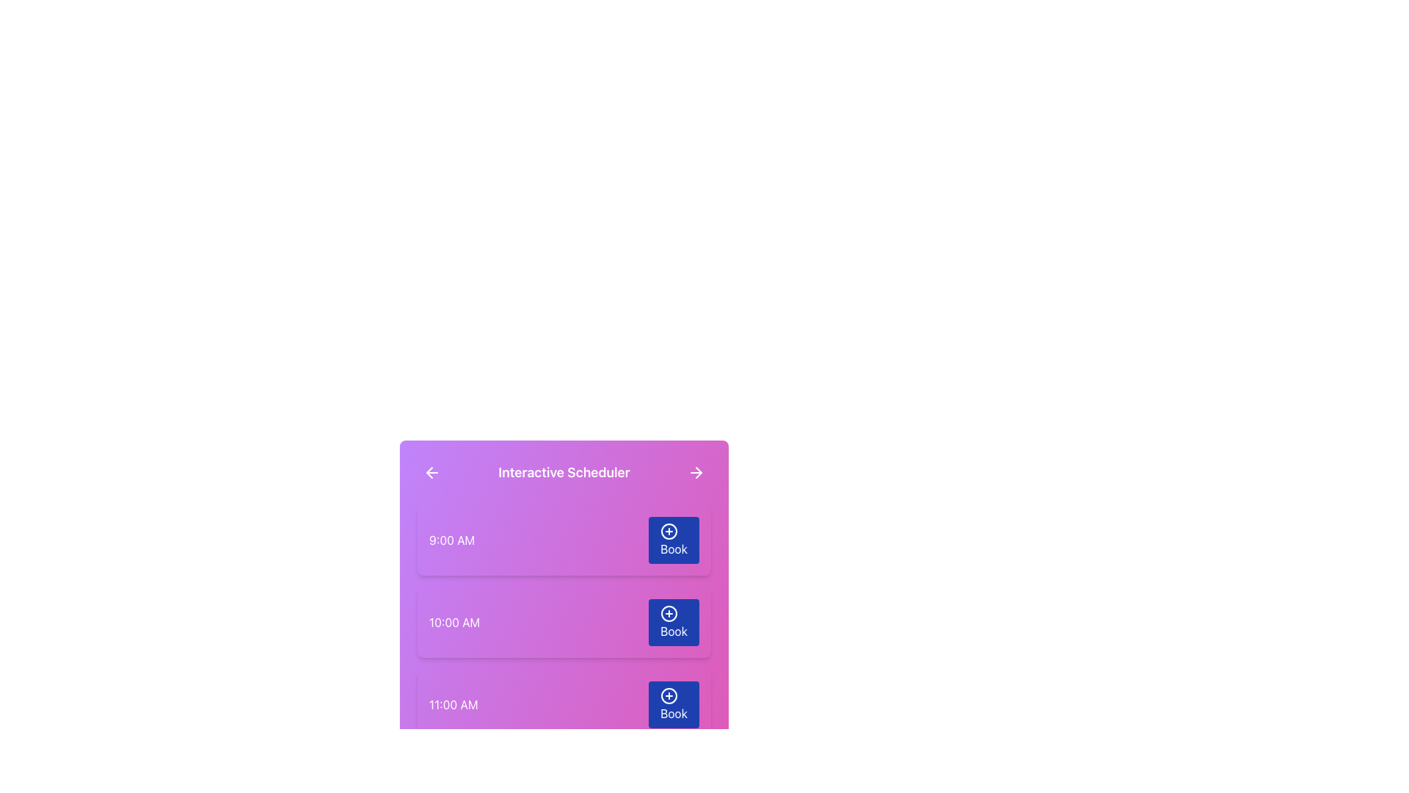 This screenshot has width=1409, height=793. Describe the element at coordinates (669, 695) in the screenshot. I see `the central circular SVG element of the 'Book' button associated with the '11:00 AM' time slot` at that location.